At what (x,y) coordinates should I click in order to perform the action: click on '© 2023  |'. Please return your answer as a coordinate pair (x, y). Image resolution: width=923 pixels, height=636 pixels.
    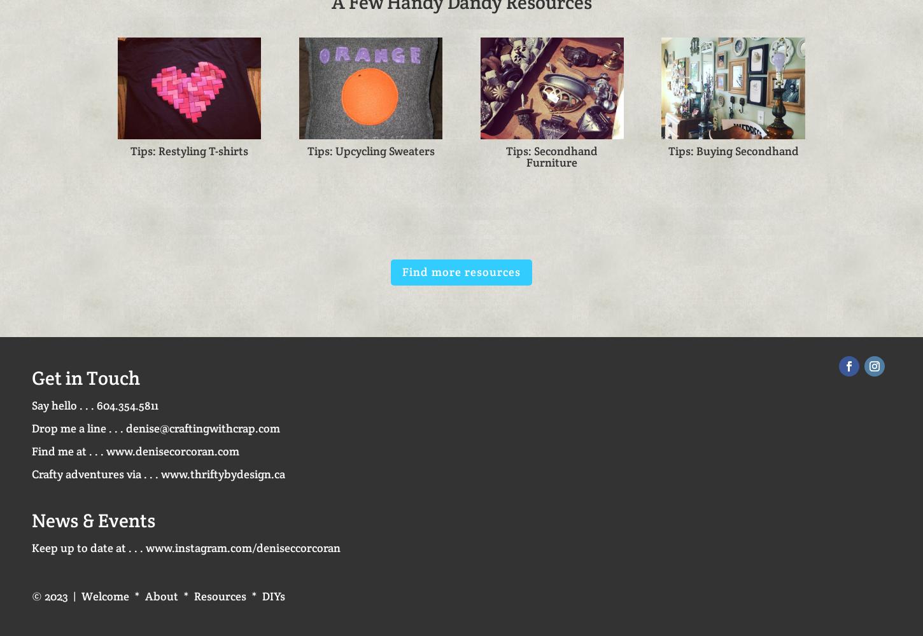
    Looking at the image, I should click on (32, 596).